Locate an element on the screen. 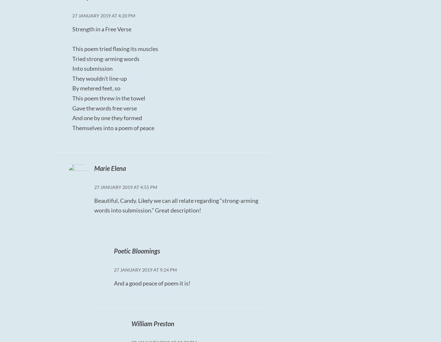 Image resolution: width=441 pixels, height=342 pixels. 'This poem tried flexing its muscles' is located at coordinates (72, 48).